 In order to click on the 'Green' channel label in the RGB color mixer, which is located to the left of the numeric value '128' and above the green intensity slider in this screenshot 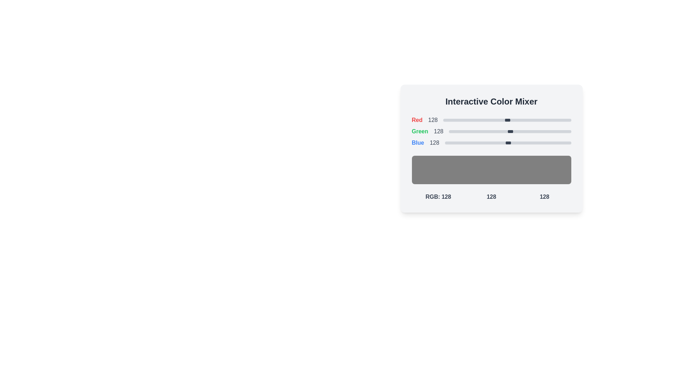, I will do `click(420, 132)`.